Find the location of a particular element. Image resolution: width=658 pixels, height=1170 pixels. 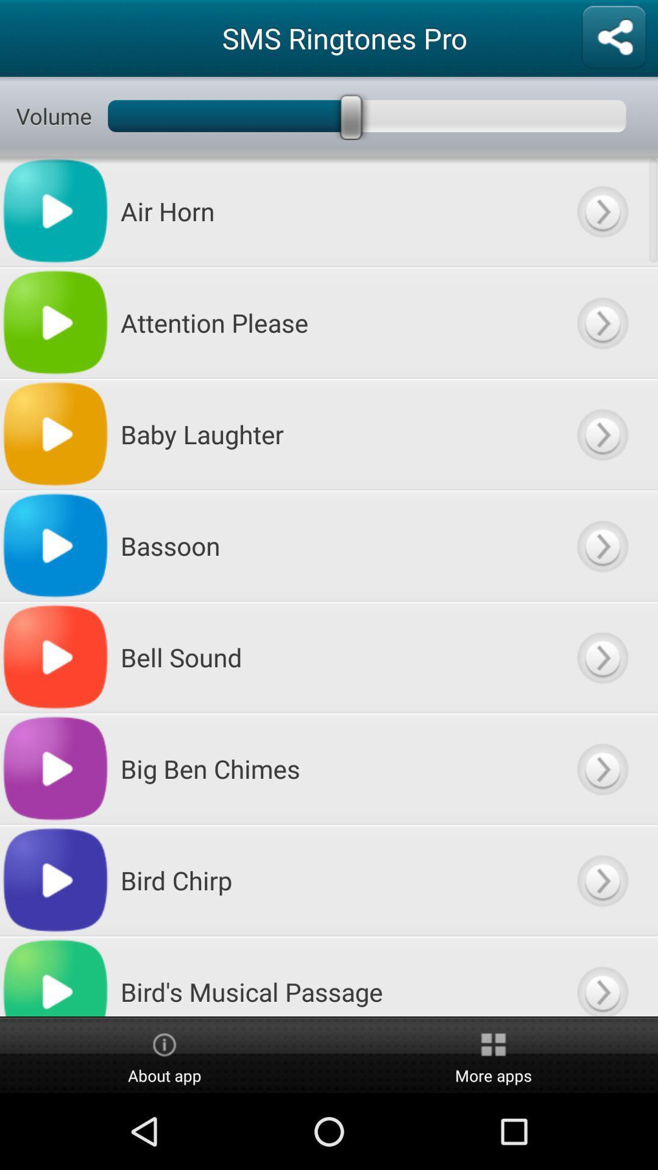

the selected item is located at coordinates (601, 545).